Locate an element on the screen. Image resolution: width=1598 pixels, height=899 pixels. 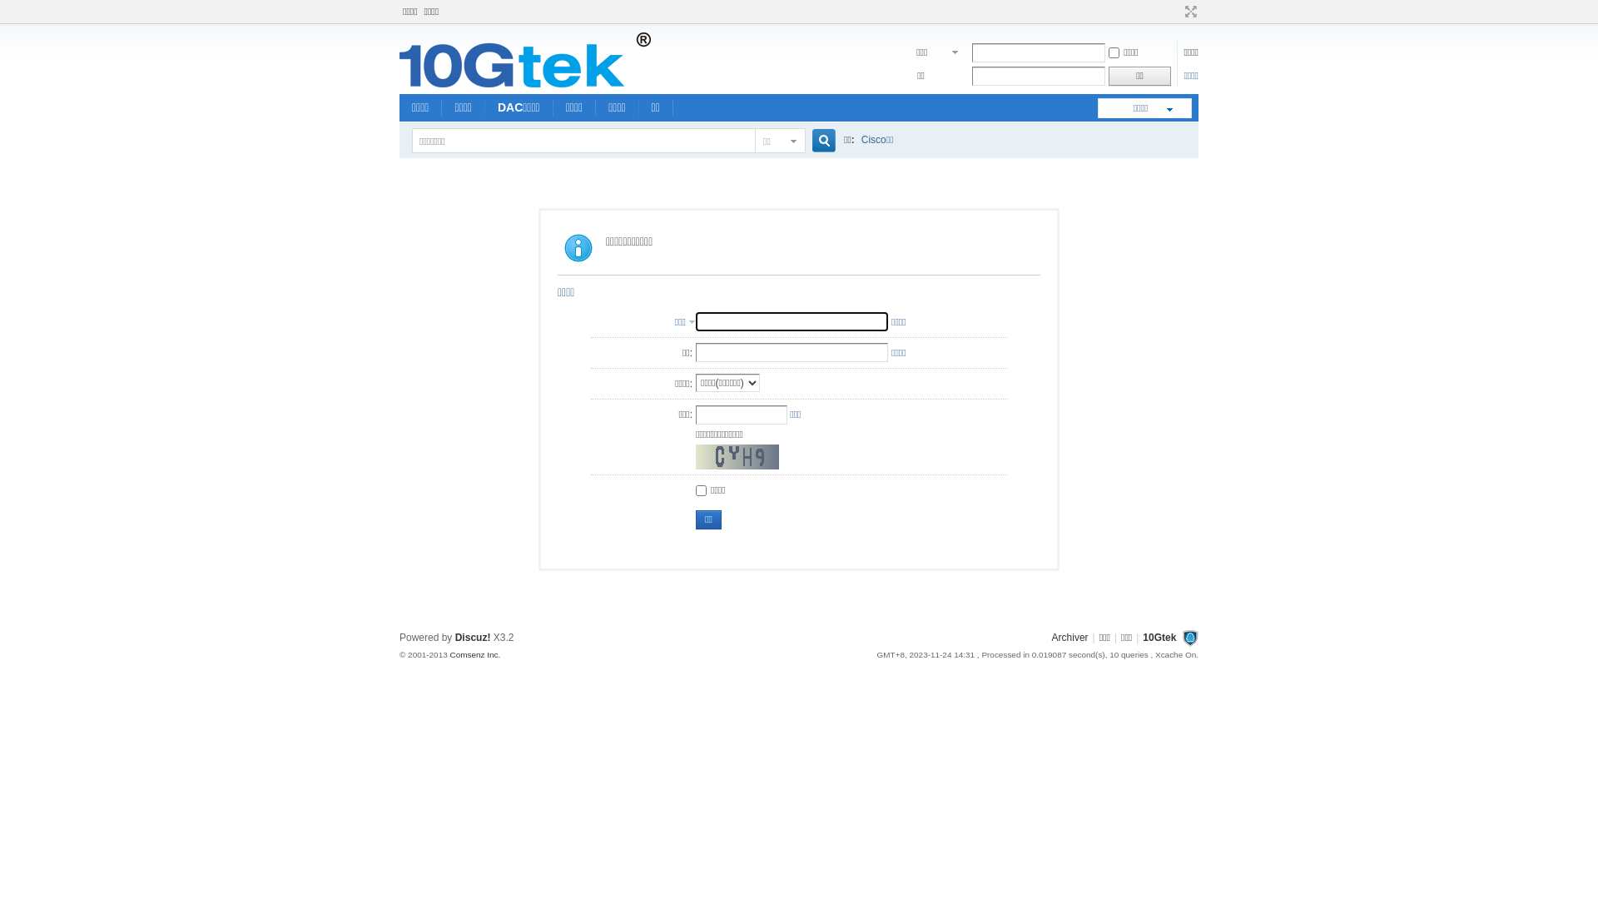
'Discuz!' is located at coordinates (472, 637).